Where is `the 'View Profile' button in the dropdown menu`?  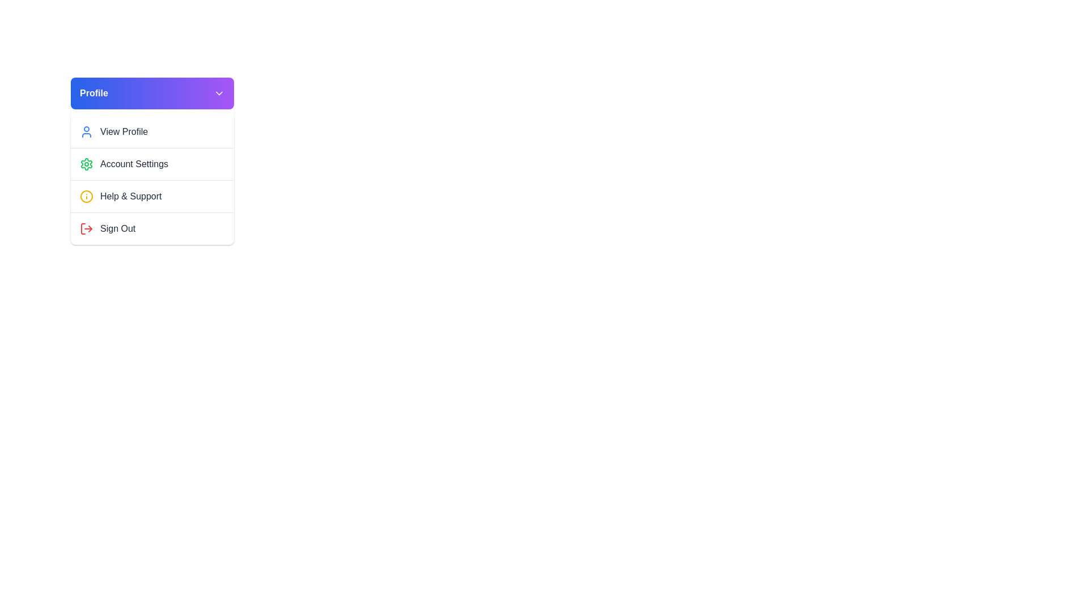 the 'View Profile' button in the dropdown menu is located at coordinates (151, 131).